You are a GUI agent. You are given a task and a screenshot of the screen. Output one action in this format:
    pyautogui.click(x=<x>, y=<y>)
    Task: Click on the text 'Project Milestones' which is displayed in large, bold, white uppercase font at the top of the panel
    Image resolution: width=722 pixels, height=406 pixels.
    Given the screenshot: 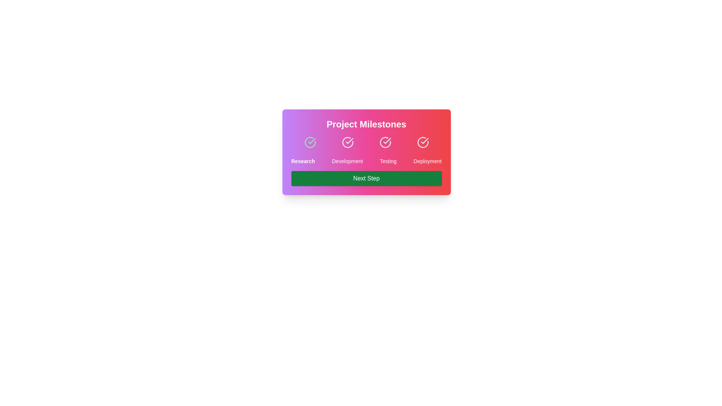 What is the action you would take?
    pyautogui.click(x=366, y=124)
    